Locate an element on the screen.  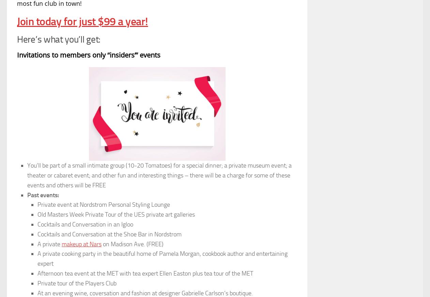
'Invitations to members only “insiders’” events' is located at coordinates (88, 55).